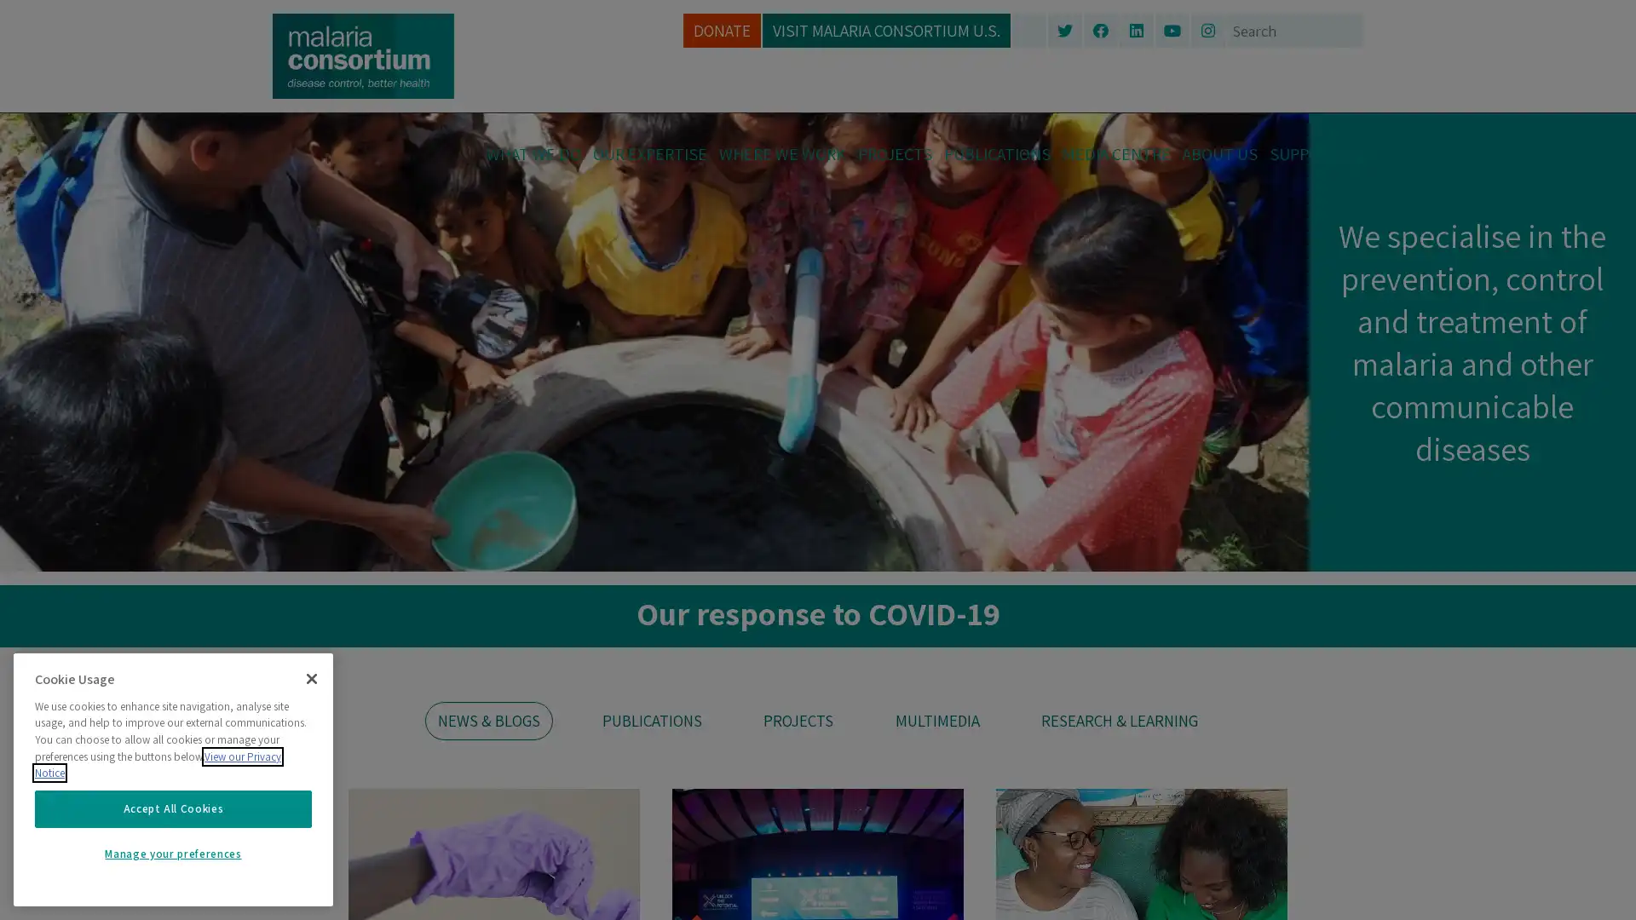 This screenshot has height=920, width=1636. What do you see at coordinates (173, 808) in the screenshot?
I see `Accept All Cookies` at bounding box center [173, 808].